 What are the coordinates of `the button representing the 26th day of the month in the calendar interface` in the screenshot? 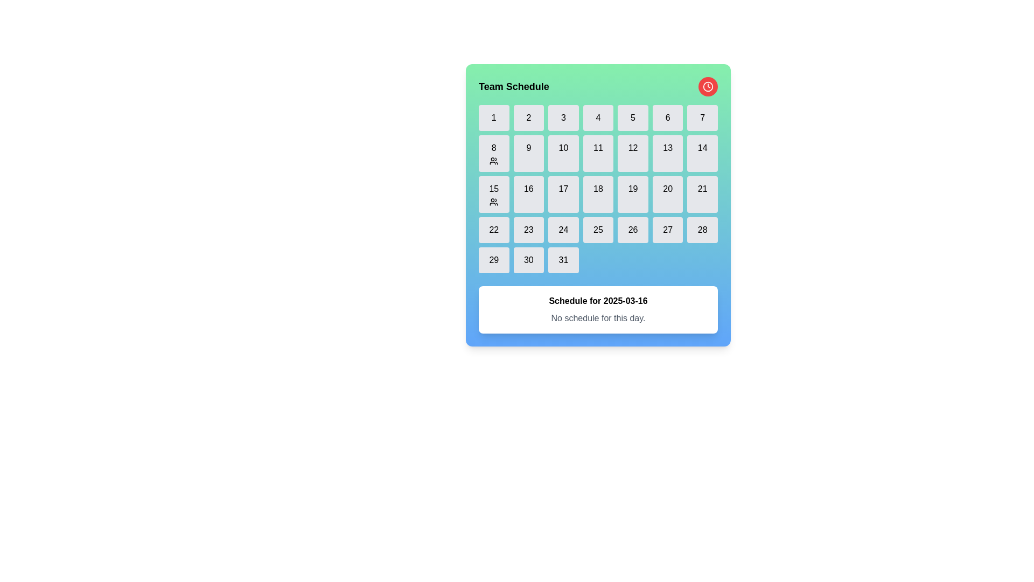 It's located at (633, 230).